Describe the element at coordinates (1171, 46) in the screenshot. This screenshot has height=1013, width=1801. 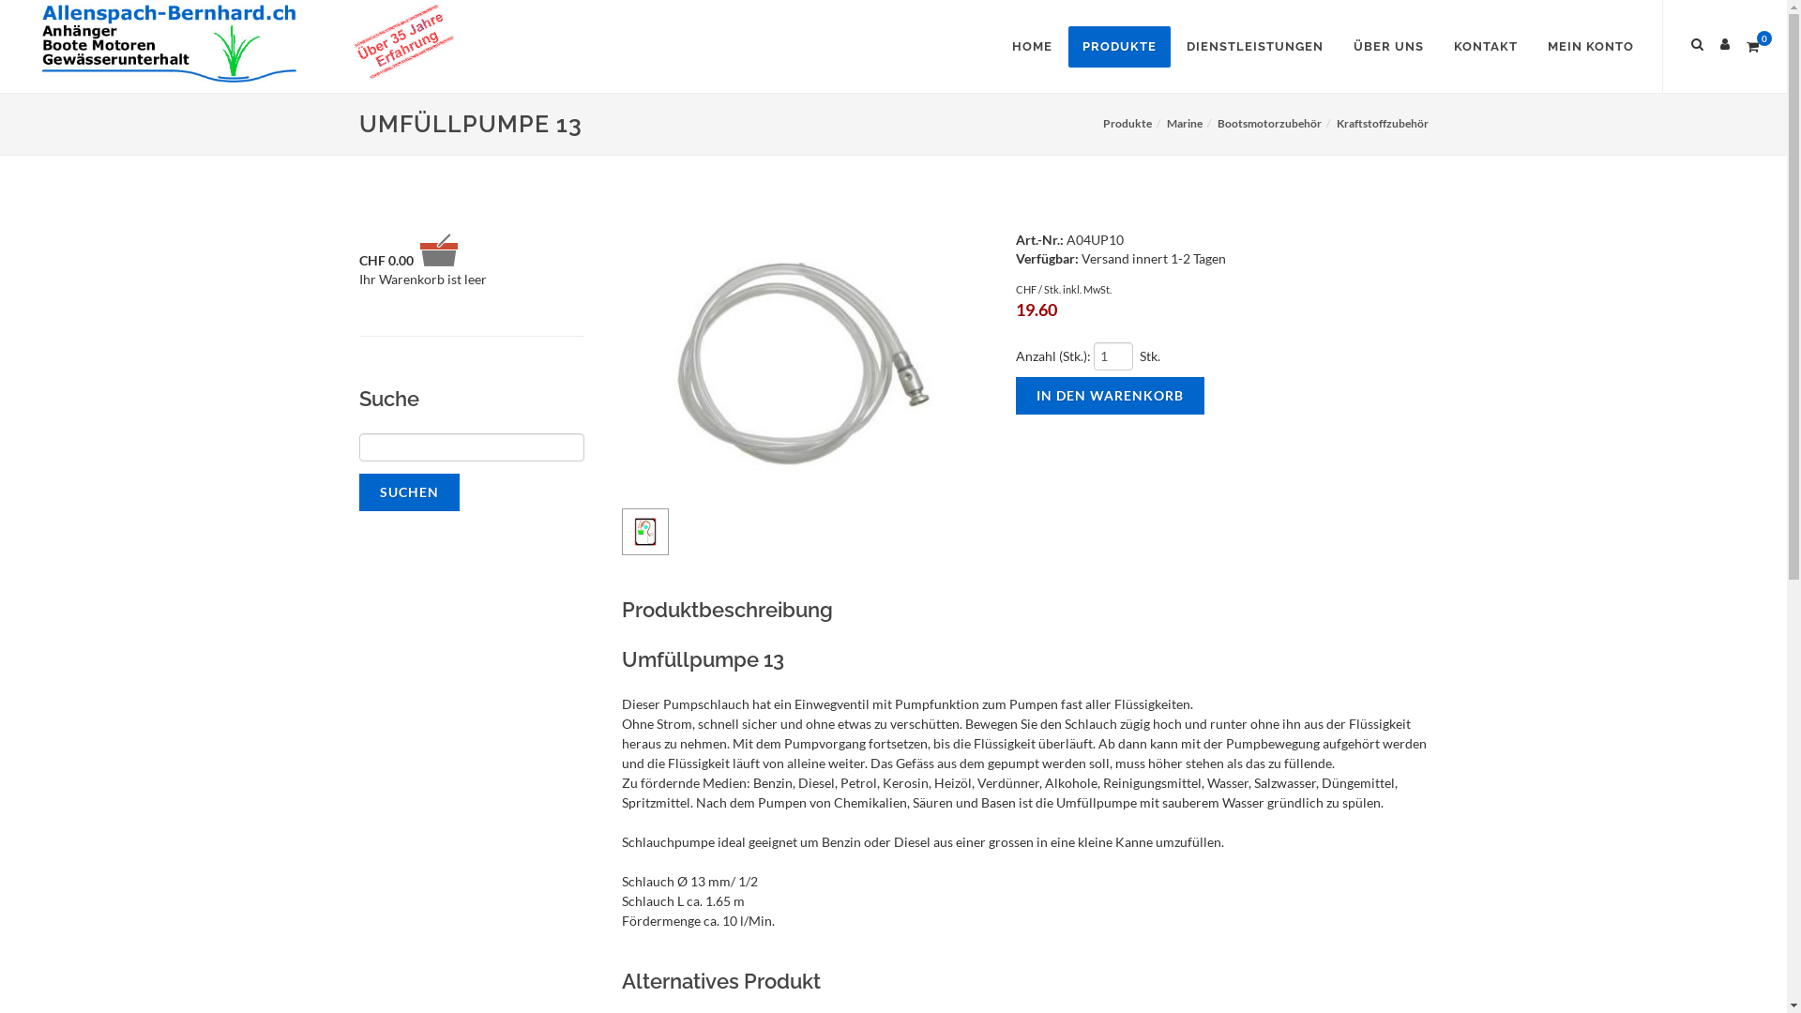
I see `'DIENSTLEISTUNGEN'` at that location.